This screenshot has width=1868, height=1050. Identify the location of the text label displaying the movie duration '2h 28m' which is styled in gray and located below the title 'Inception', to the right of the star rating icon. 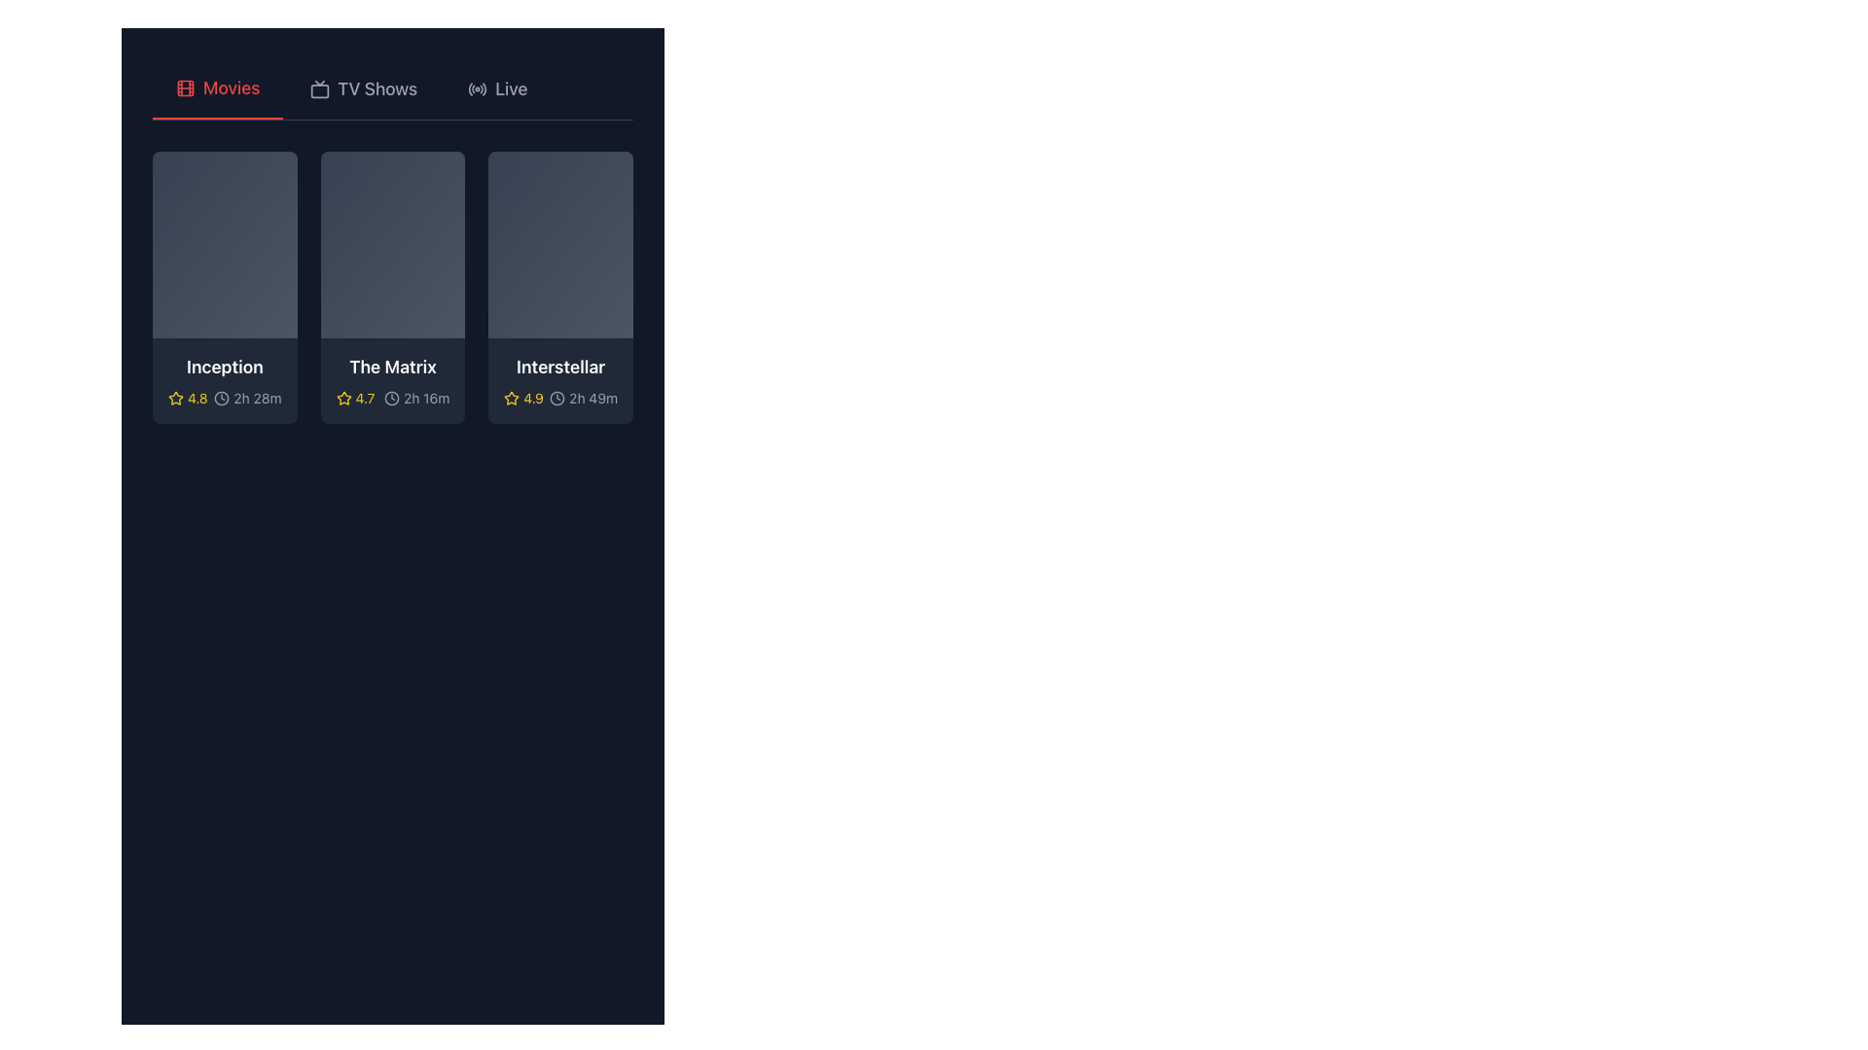
(256, 397).